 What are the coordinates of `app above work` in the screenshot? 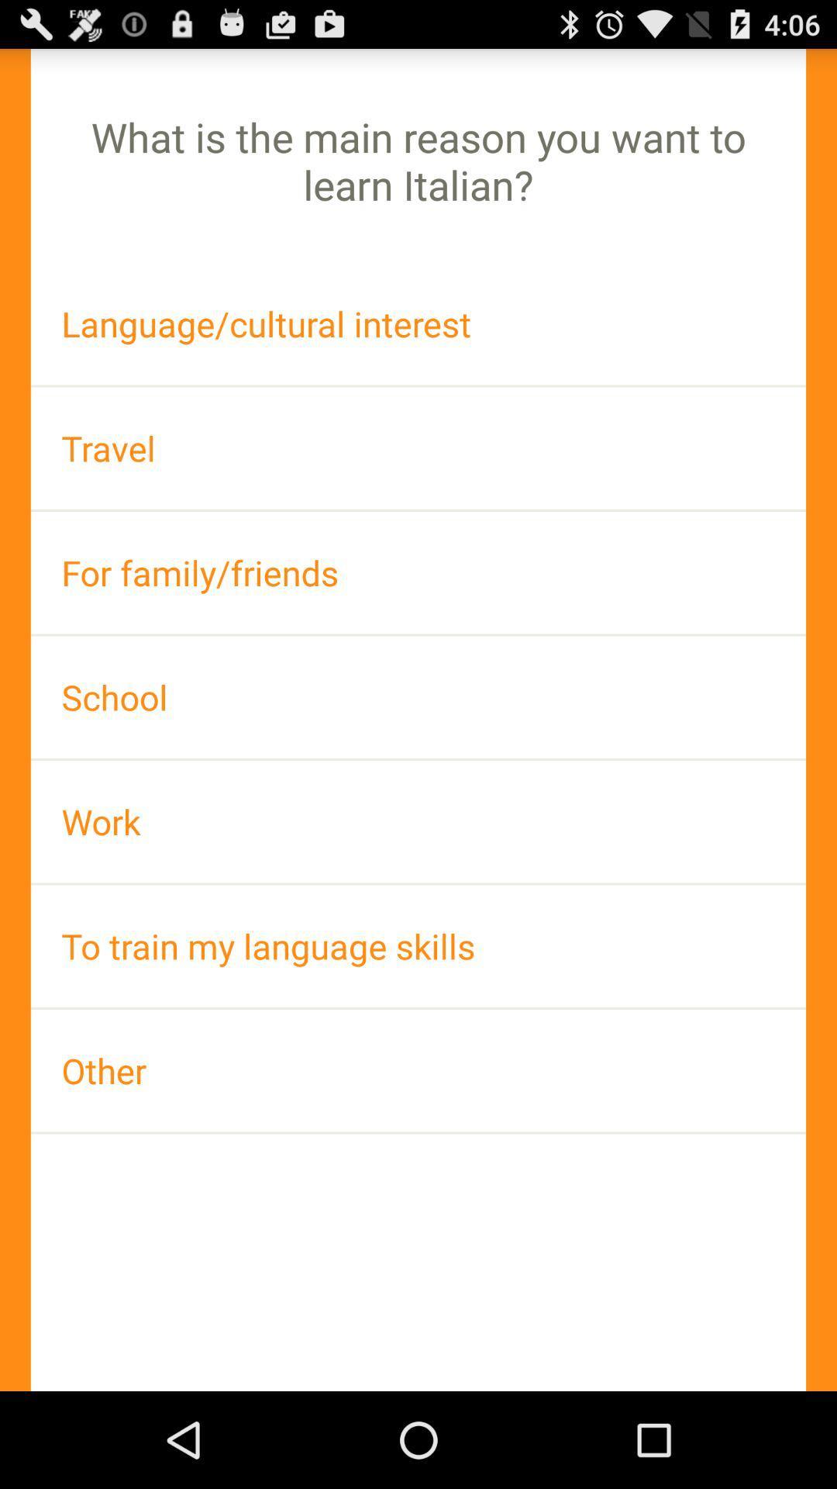 It's located at (418, 696).